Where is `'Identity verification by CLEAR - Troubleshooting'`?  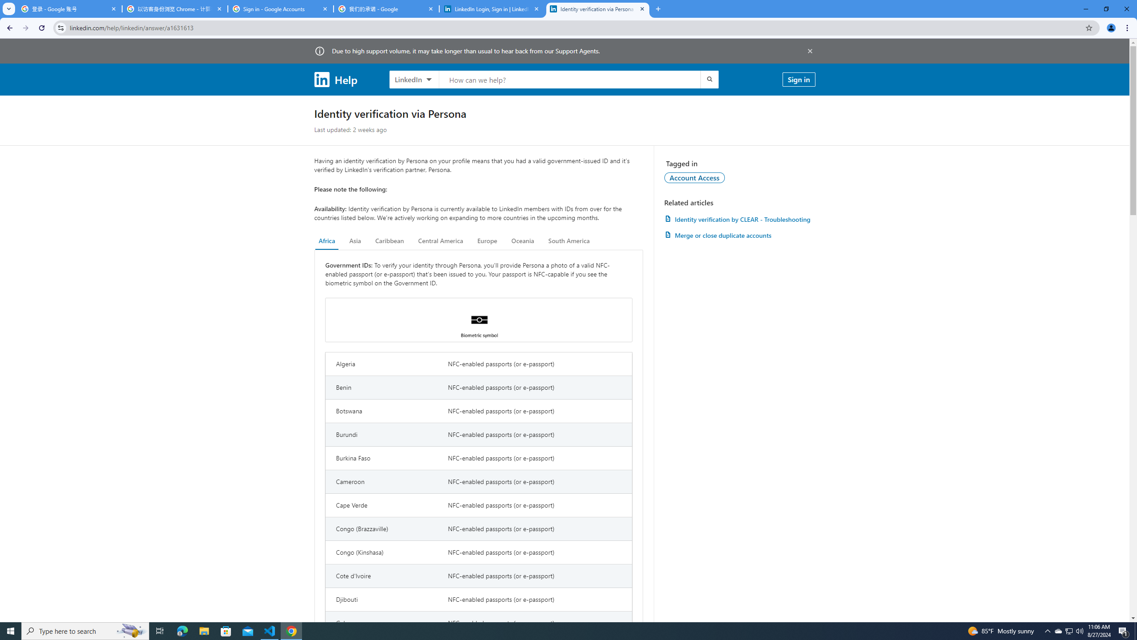 'Identity verification by CLEAR - Troubleshooting' is located at coordinates (739, 219).